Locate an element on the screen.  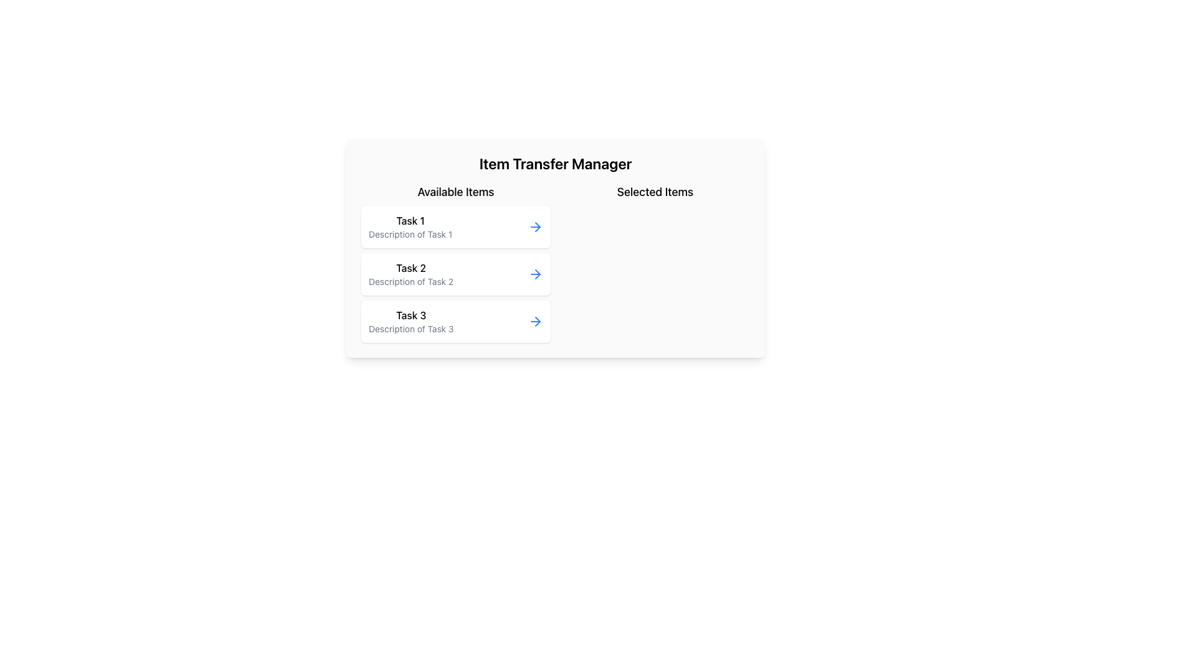
the rightward-pointing blue arrow icon button located to the far right of 'Task 3' in the 'Available Items' column is located at coordinates (535, 320).